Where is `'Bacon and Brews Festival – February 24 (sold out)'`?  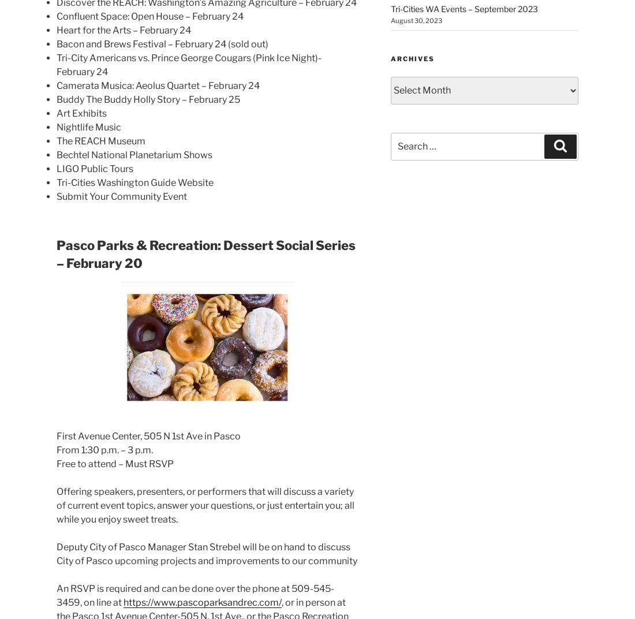
'Bacon and Brews Festival – February 24 (sold out)' is located at coordinates (162, 44).